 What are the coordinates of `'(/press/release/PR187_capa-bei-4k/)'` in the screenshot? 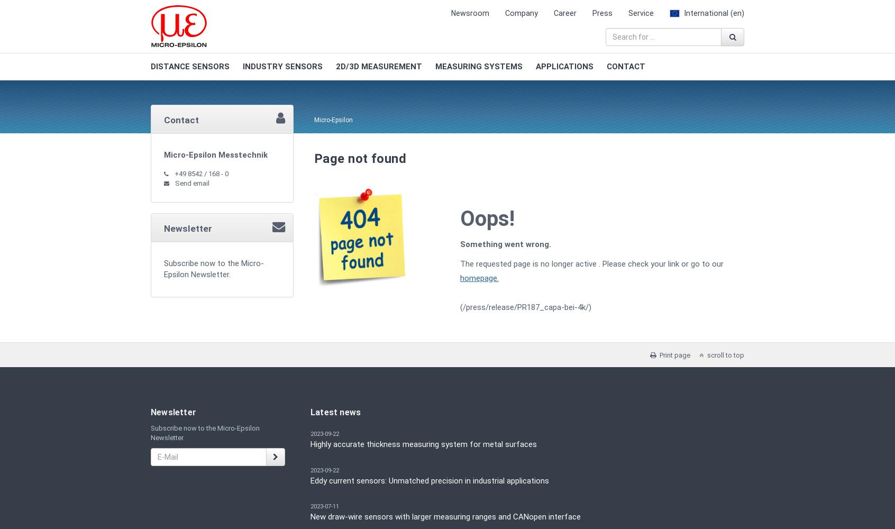 It's located at (459, 307).